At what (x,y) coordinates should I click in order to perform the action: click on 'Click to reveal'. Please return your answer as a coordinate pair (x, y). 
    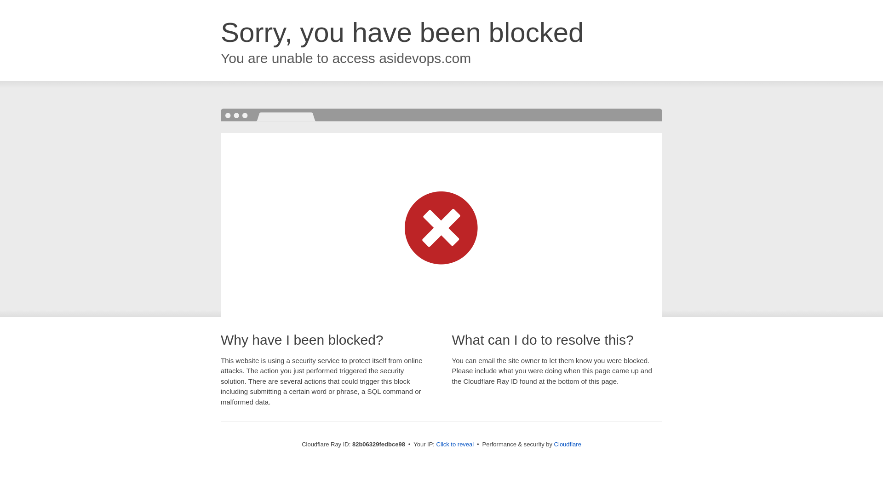
    Looking at the image, I should click on (455, 444).